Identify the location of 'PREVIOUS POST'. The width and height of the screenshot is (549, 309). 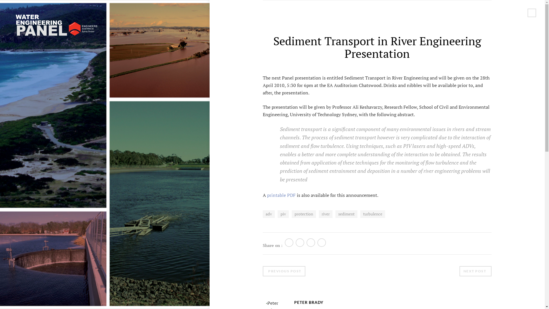
(284, 271).